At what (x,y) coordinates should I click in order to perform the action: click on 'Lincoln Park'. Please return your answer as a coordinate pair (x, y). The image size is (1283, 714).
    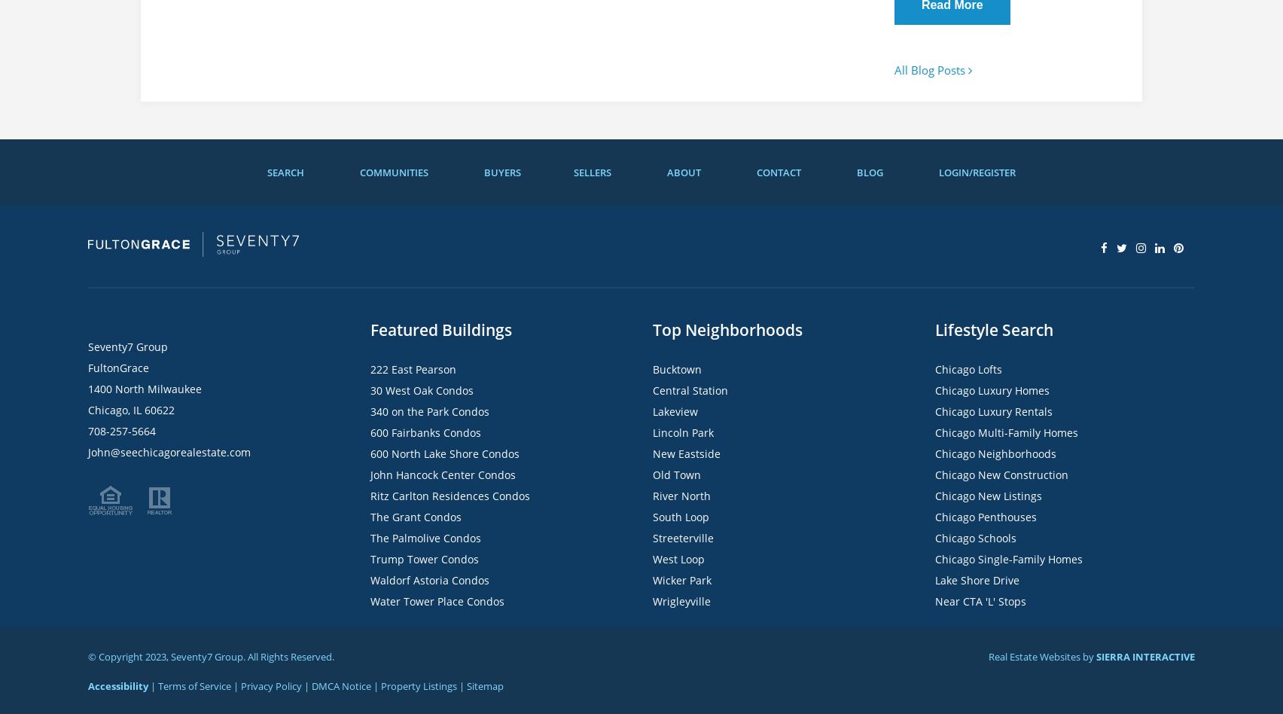
    Looking at the image, I should click on (683, 432).